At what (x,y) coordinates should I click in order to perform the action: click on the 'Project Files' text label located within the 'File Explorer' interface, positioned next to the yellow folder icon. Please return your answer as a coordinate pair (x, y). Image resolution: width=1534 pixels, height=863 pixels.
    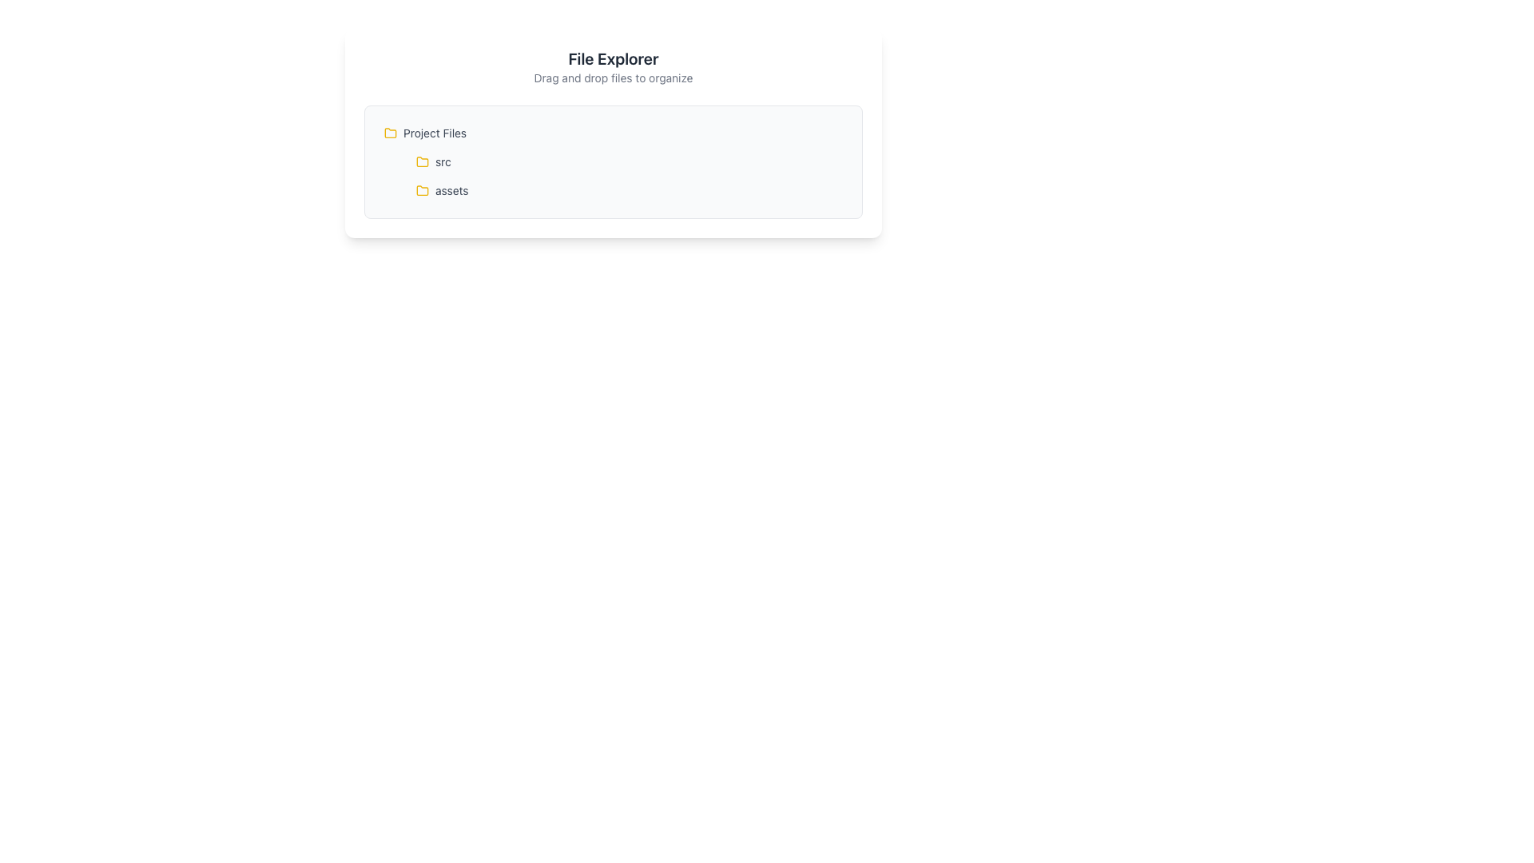
    Looking at the image, I should click on (435, 132).